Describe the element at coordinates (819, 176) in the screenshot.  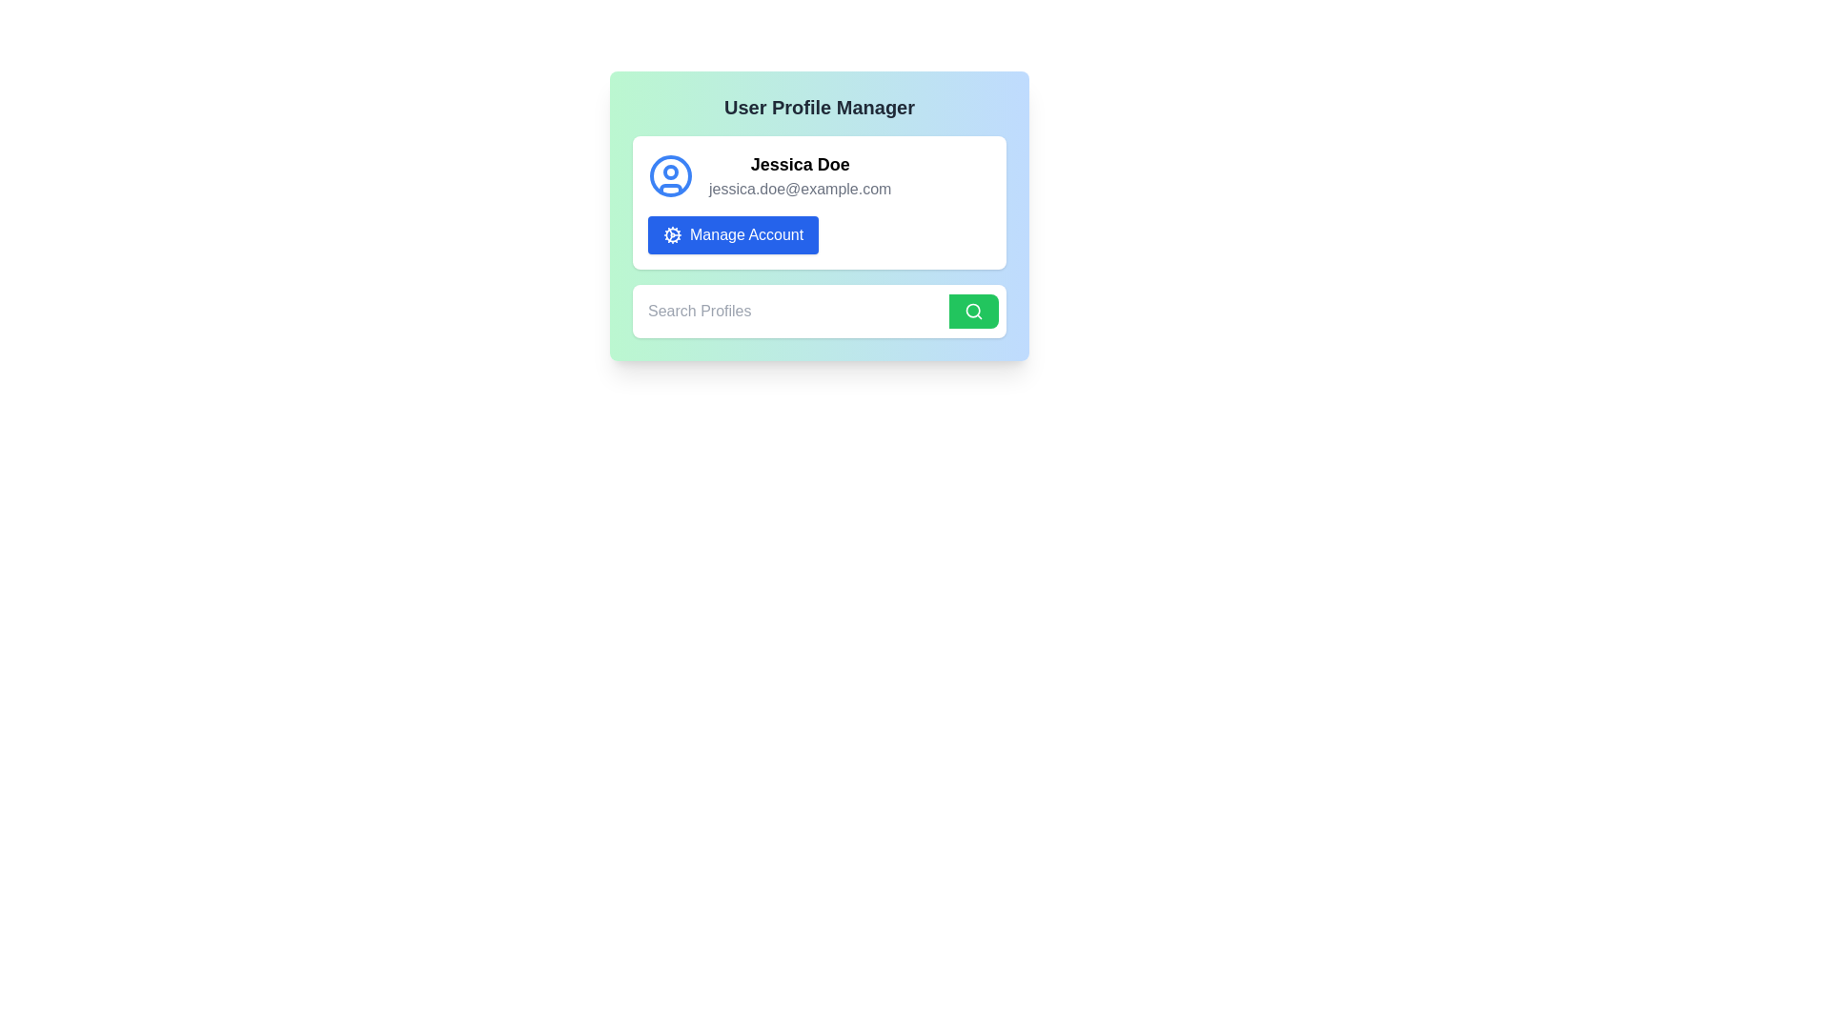
I see `details displayed in the composite display component showing 'Jessica Doe' and 'jessica.doe@example.com' located at the top section of the card, right of the user avatar icon` at that location.